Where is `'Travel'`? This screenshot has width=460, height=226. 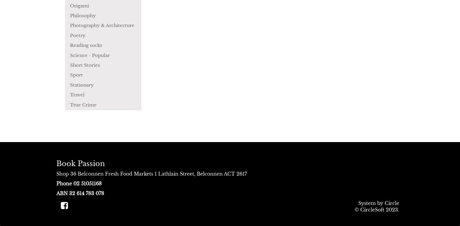 'Travel' is located at coordinates (77, 95).